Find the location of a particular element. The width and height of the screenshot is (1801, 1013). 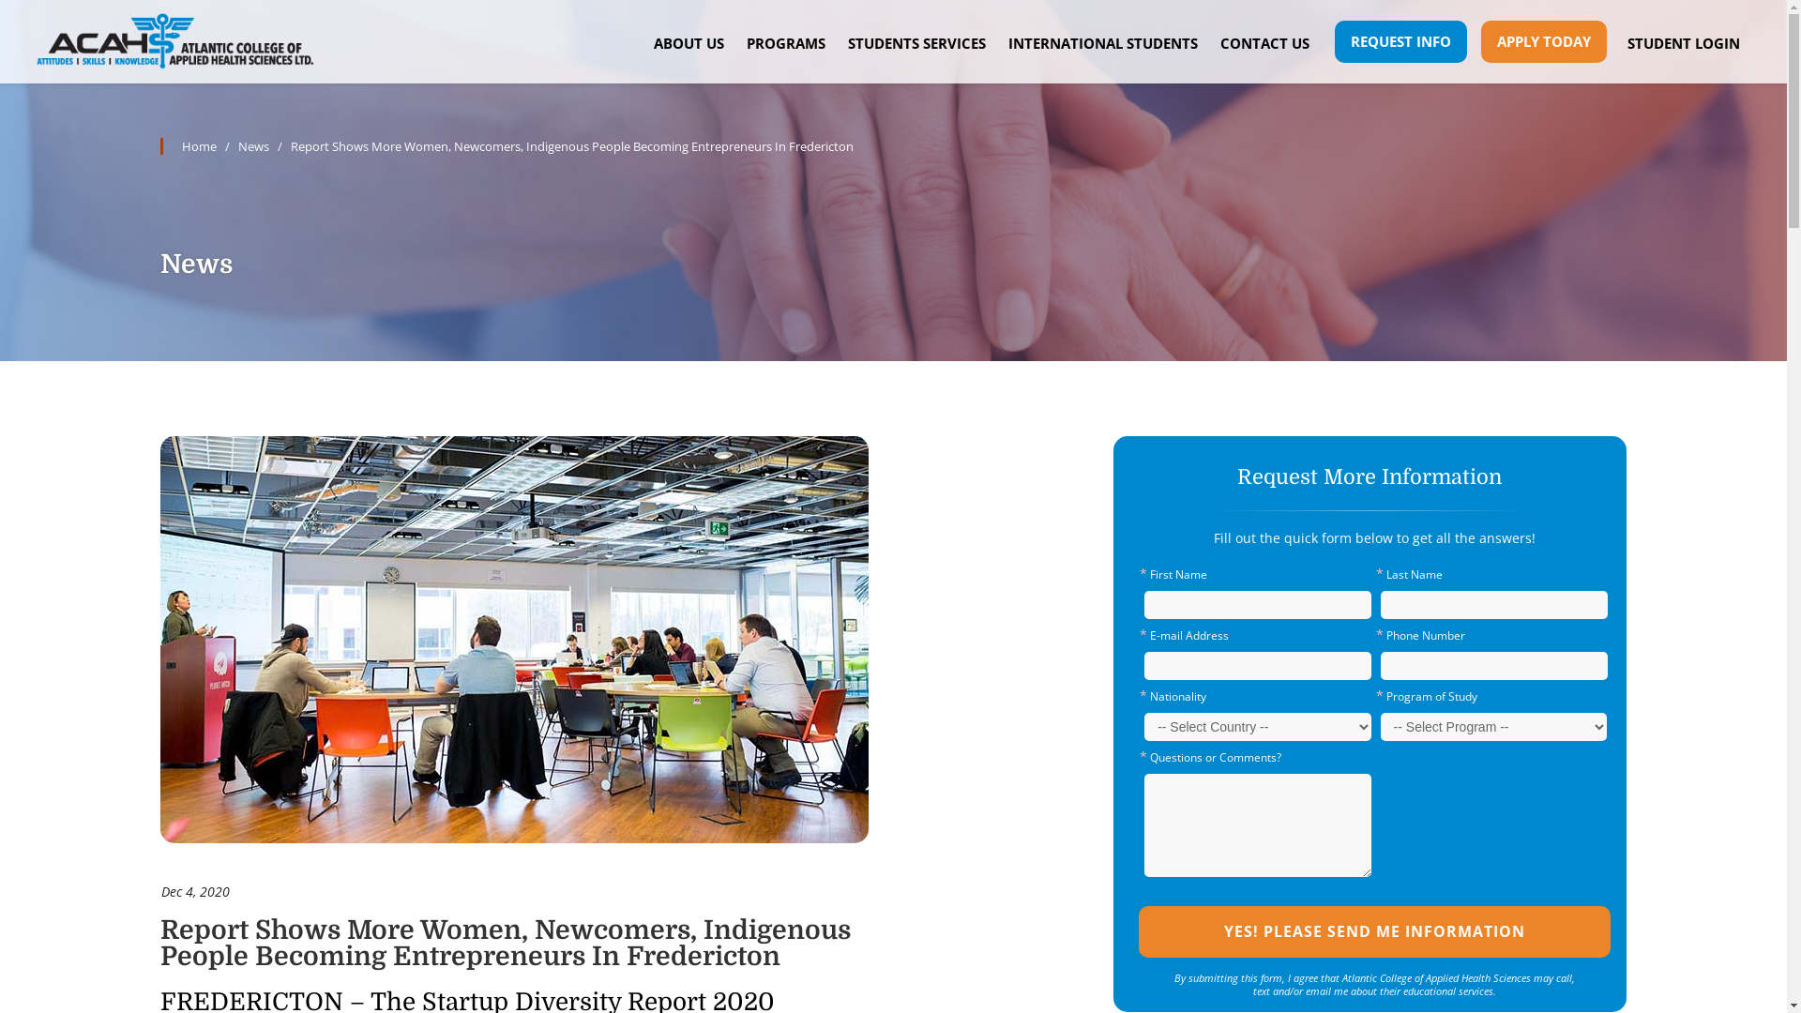

'Home' is located at coordinates (160, 144).